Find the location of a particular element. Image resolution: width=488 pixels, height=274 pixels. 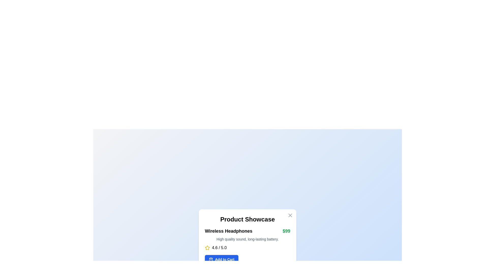

the product features description text located below the product name 'Wireless Headphones' and above the product rating '4.6 / 5.0' is located at coordinates (248, 239).